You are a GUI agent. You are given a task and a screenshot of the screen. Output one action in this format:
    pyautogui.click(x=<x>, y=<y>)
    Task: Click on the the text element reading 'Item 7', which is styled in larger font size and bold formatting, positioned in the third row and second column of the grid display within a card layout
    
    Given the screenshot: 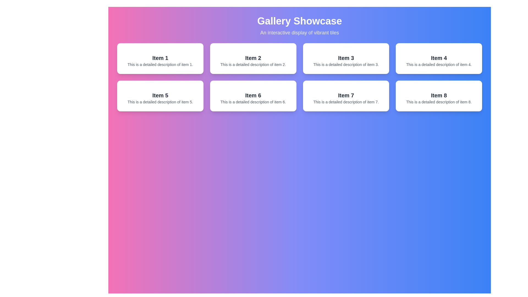 What is the action you would take?
    pyautogui.click(x=346, y=95)
    